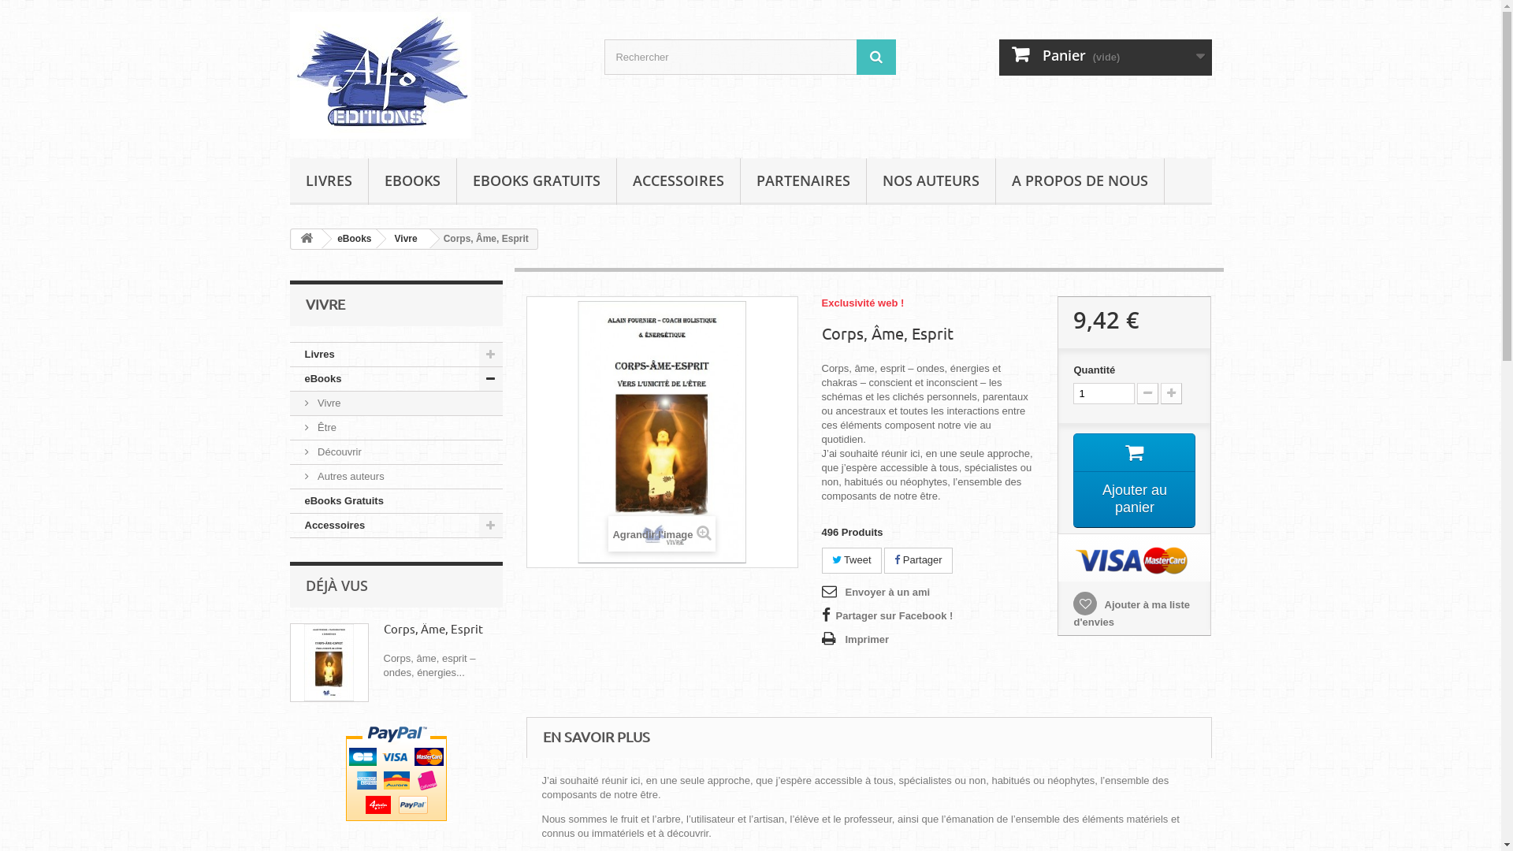 This screenshot has width=1513, height=851. What do you see at coordinates (1133, 479) in the screenshot?
I see `'Ajouter au panier'` at bounding box center [1133, 479].